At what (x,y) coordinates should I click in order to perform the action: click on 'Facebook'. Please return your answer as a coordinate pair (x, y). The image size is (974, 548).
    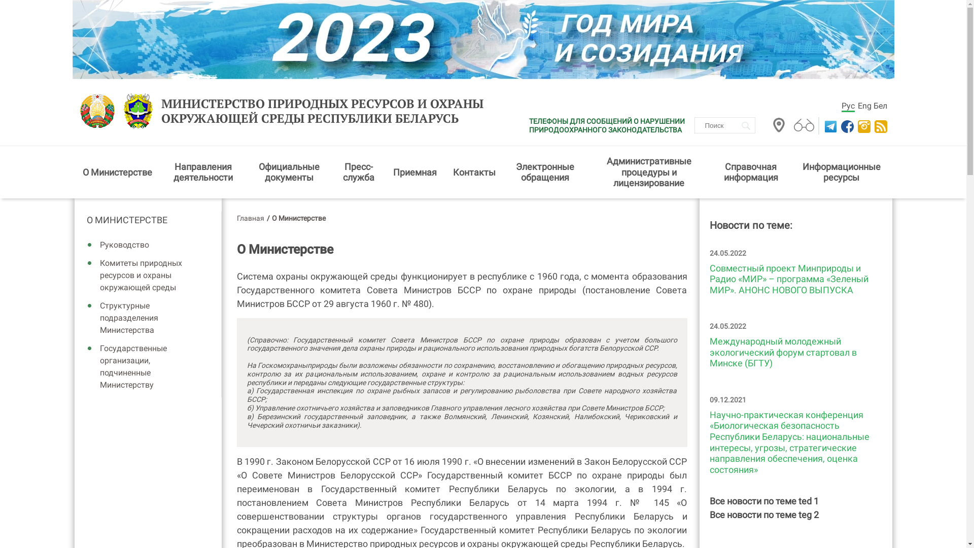
    Looking at the image, I should click on (846, 126).